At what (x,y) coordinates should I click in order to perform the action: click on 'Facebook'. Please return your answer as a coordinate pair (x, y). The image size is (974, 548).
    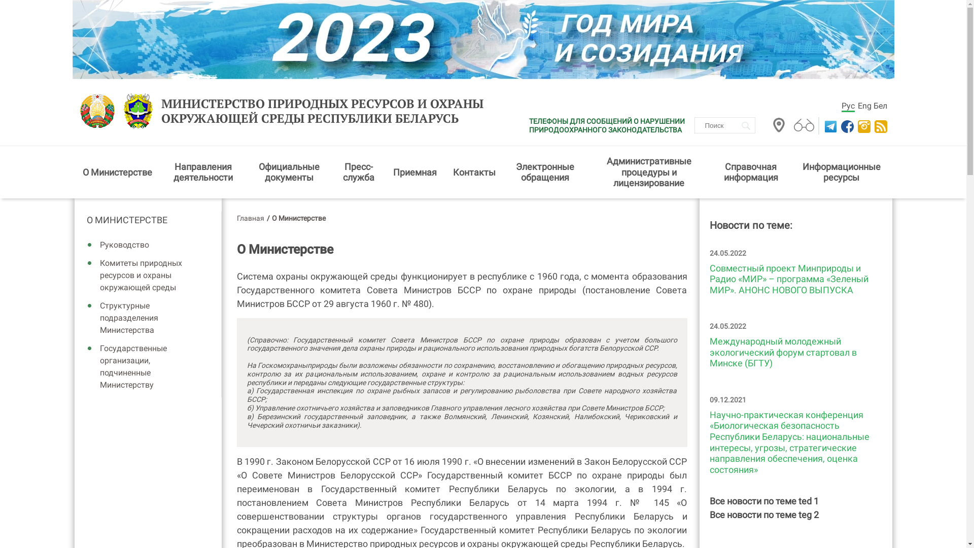
    Looking at the image, I should click on (846, 126).